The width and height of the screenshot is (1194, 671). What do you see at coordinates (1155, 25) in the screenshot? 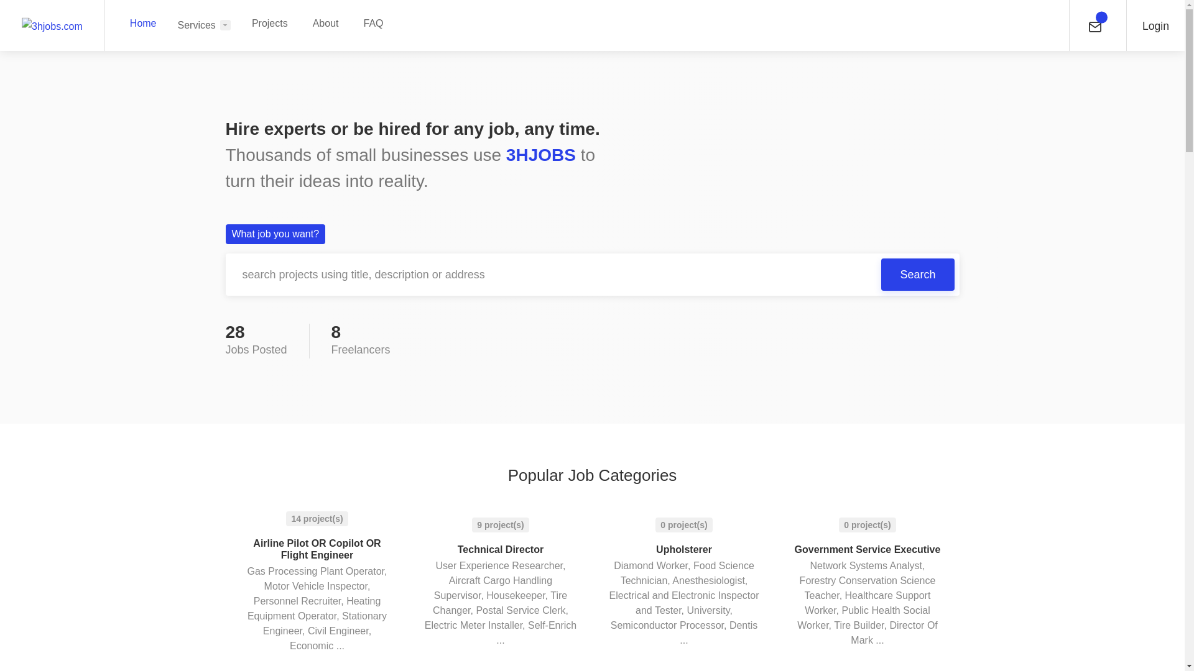
I see `'Login'` at bounding box center [1155, 25].